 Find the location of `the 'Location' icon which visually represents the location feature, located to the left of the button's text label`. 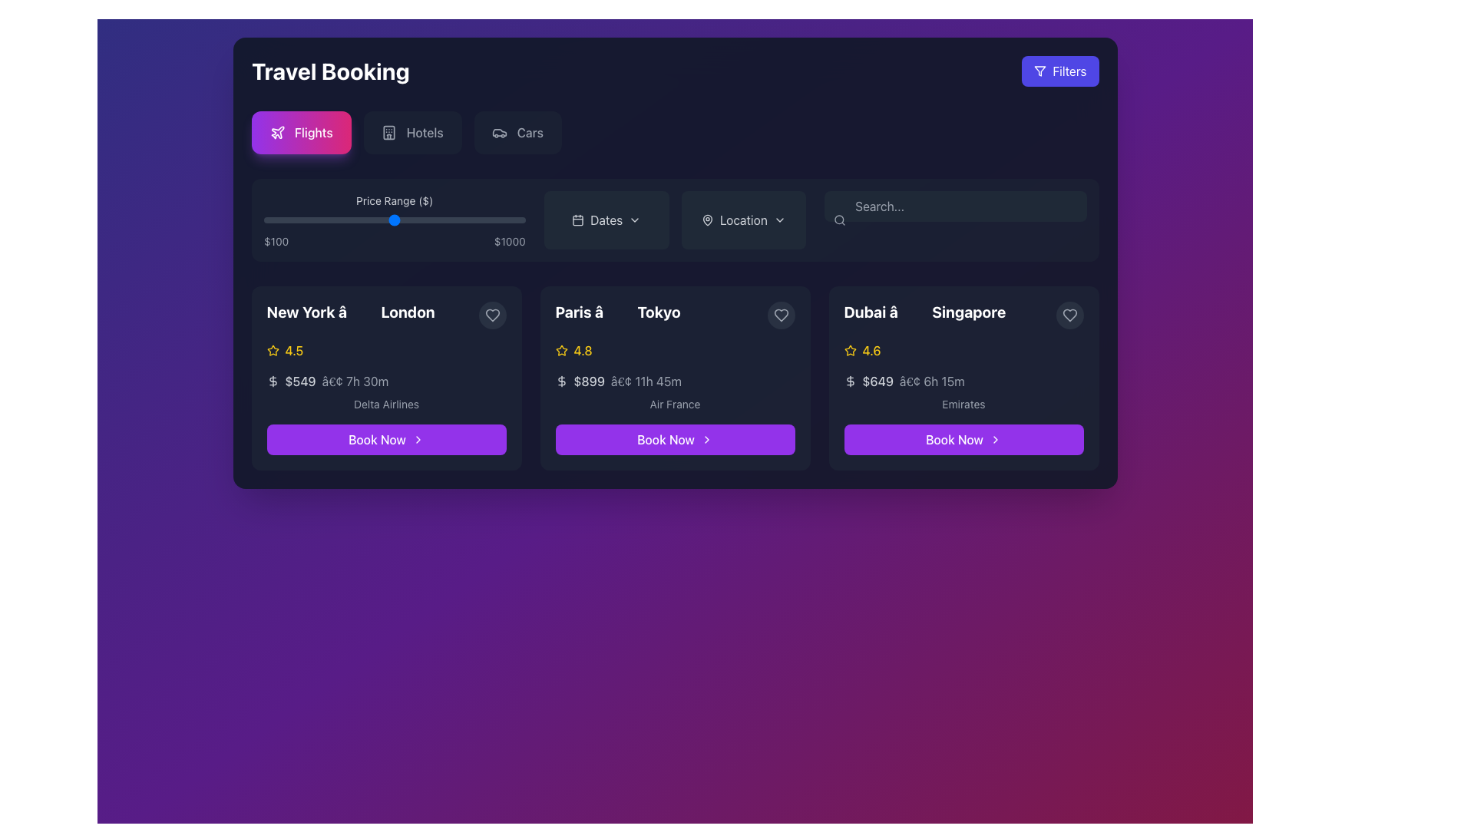

the 'Location' icon which visually represents the location feature, located to the left of the button's text label is located at coordinates (706, 220).